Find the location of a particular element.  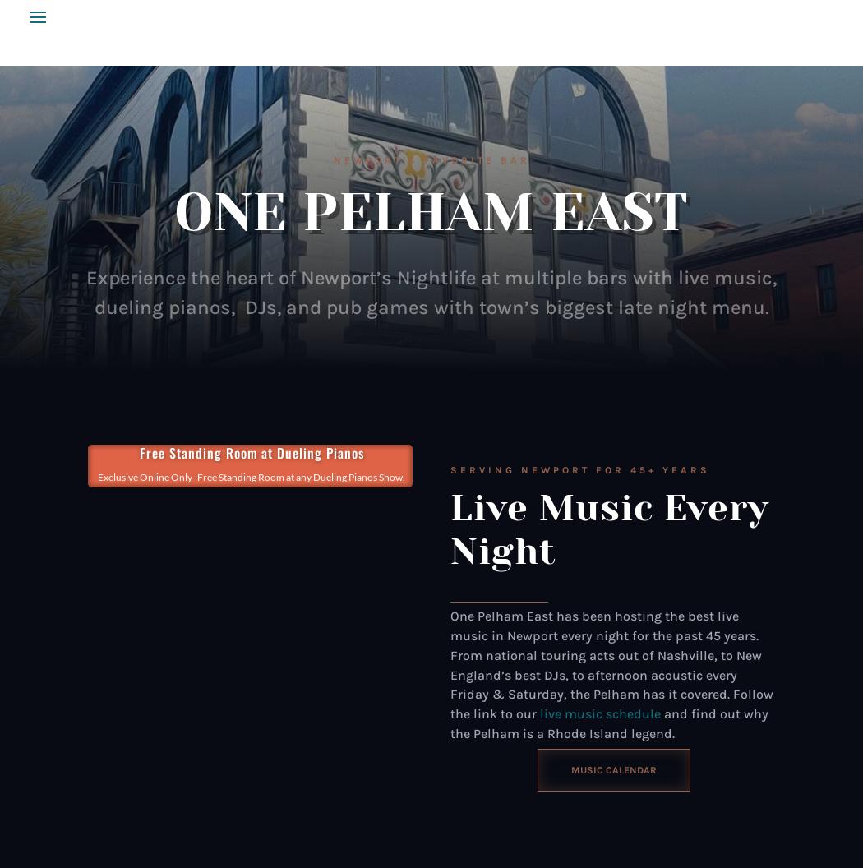

'Exclusive Online Only- Free Standing Room at any Dueling Pianos Show.' is located at coordinates (251, 476).